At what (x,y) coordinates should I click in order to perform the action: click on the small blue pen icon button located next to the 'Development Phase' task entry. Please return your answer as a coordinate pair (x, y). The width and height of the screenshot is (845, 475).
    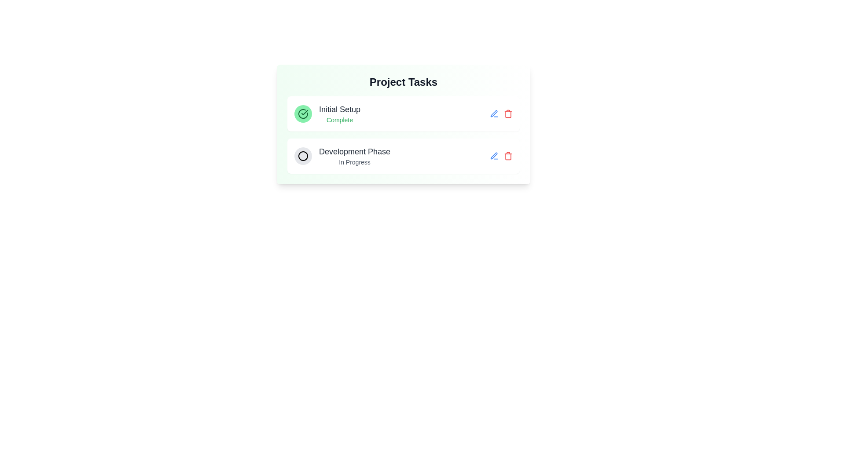
    Looking at the image, I should click on (494, 113).